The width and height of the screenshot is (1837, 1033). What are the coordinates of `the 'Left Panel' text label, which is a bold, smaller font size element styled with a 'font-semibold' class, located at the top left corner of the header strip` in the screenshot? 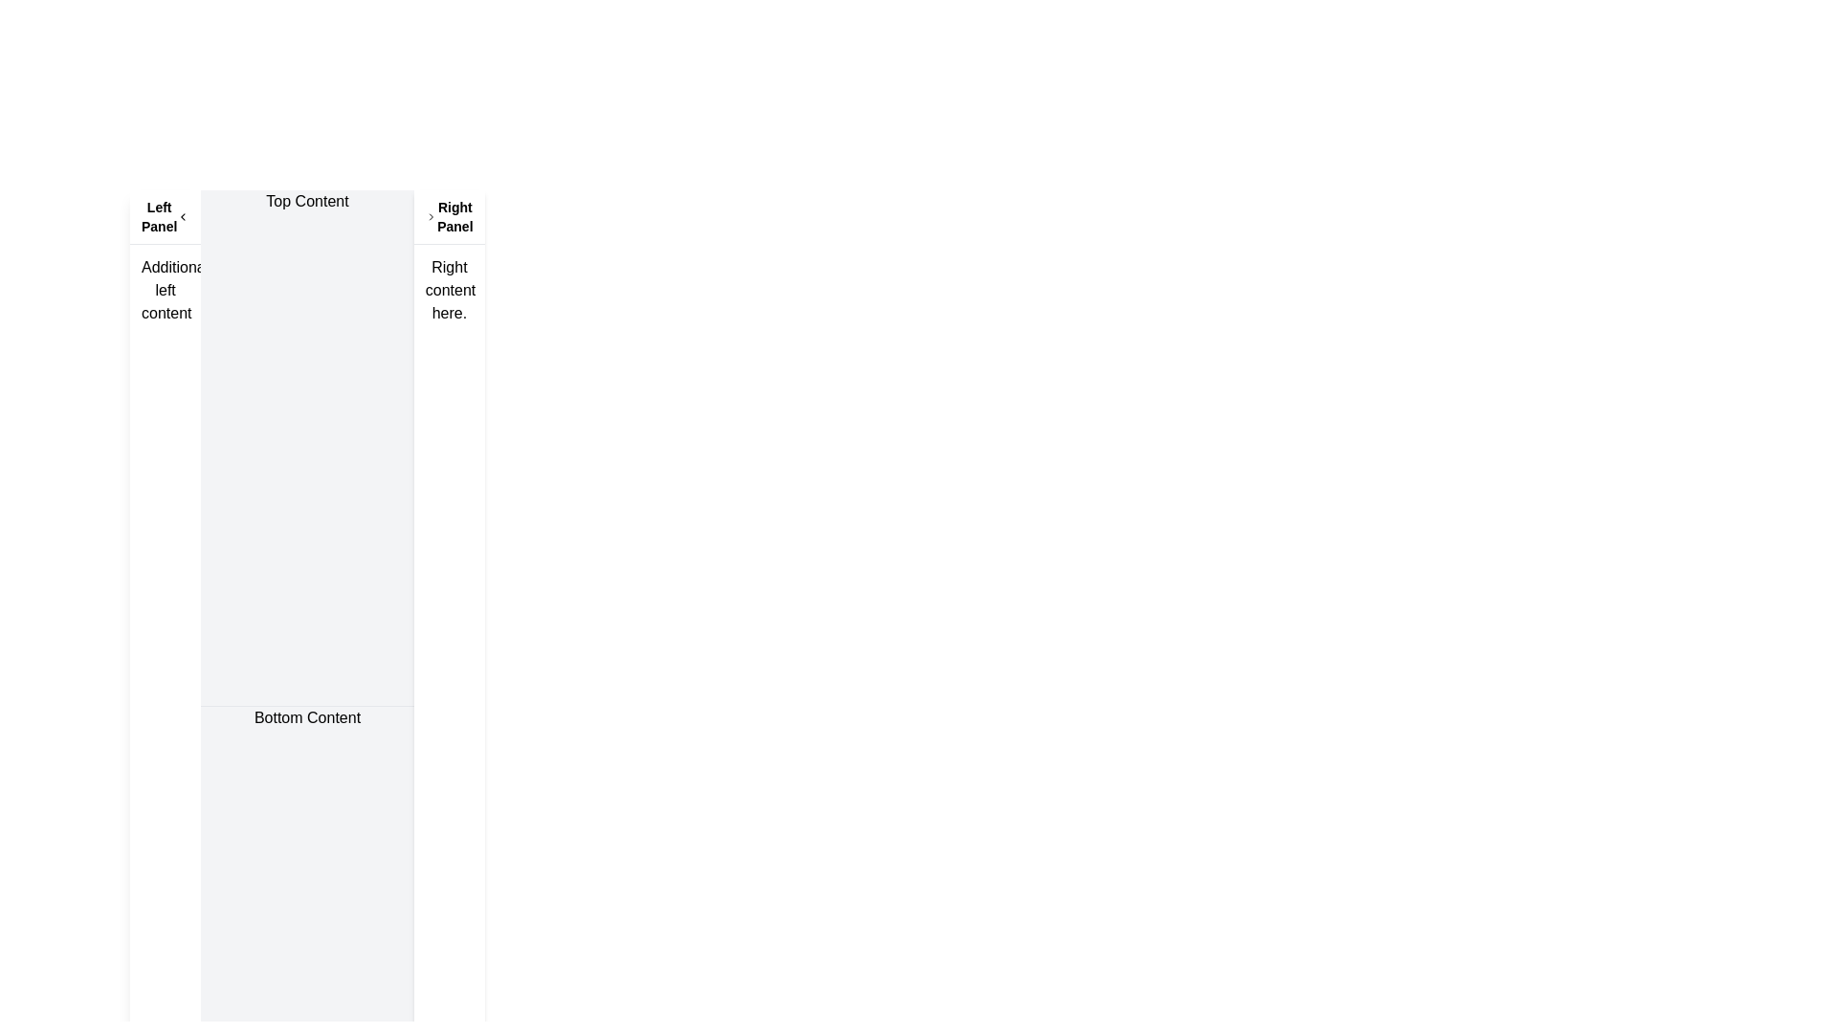 It's located at (159, 216).